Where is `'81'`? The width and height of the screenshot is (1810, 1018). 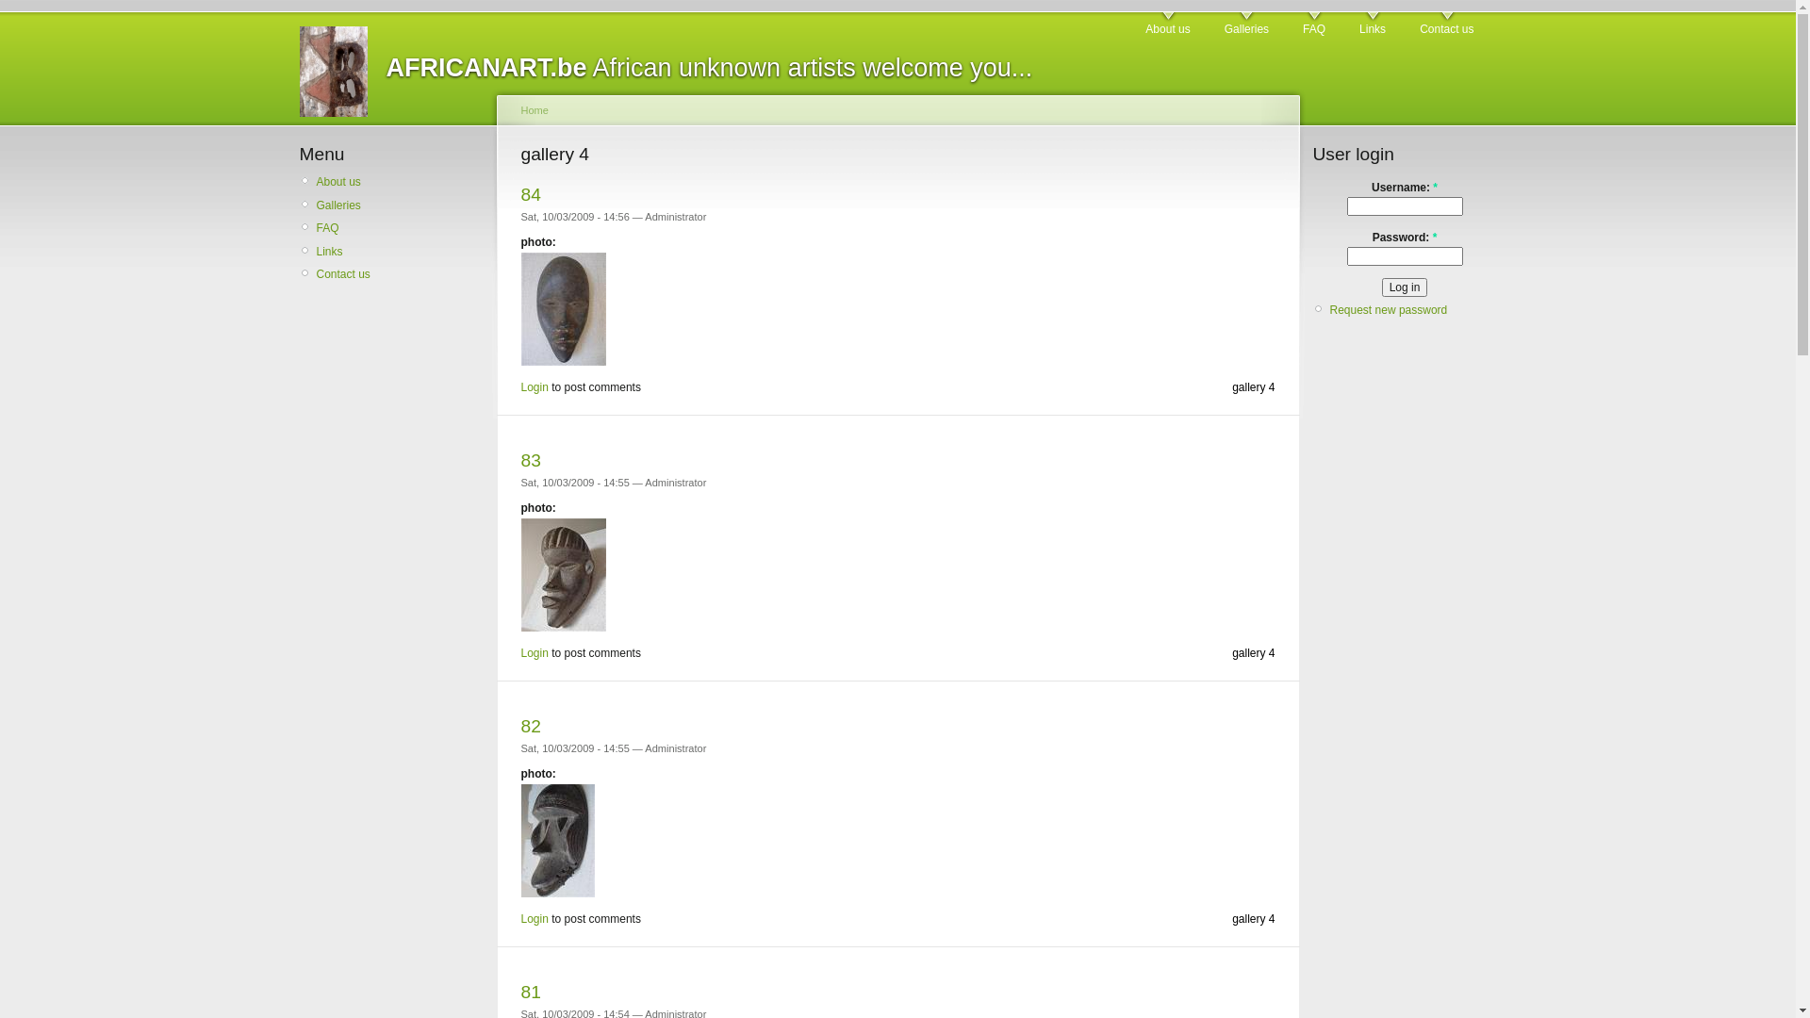 '81' is located at coordinates (529, 991).